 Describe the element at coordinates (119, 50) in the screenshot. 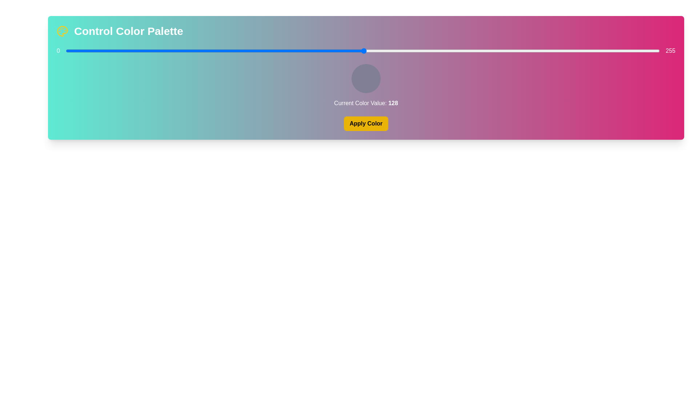

I see `the color slider to set the color value to 23` at that location.